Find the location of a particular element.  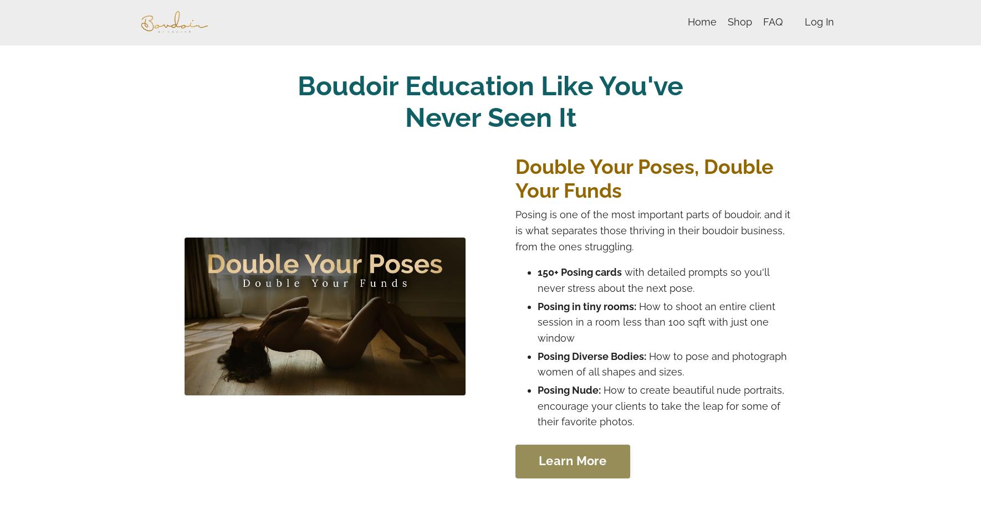

'Shop' is located at coordinates (739, 21).